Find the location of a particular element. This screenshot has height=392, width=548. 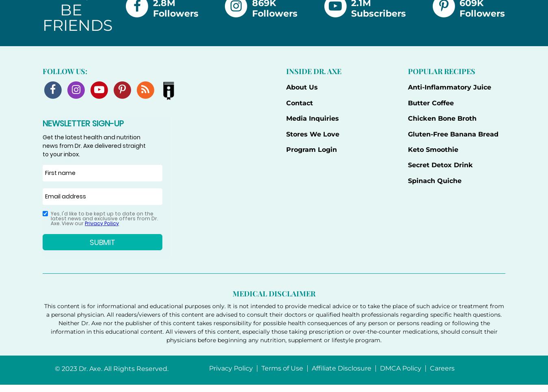

'Butter Coffee' is located at coordinates (430, 102).